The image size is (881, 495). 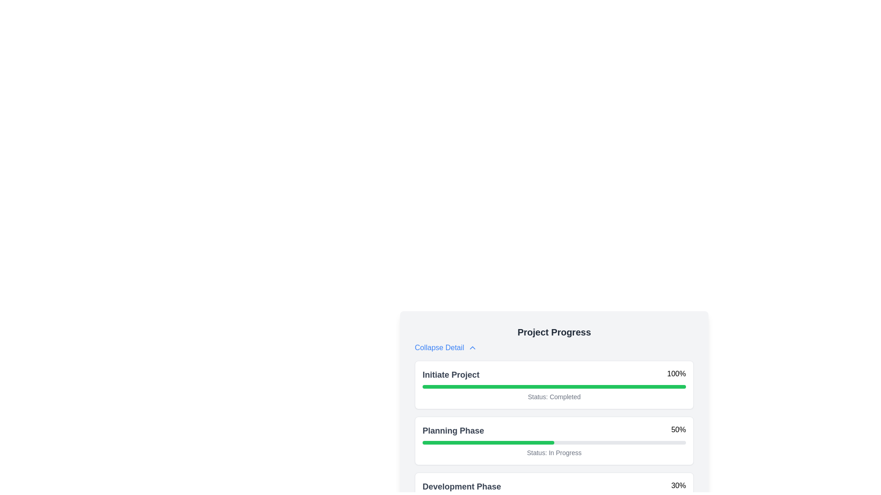 I want to click on the progress bar indicating the completion status of the 'Initiate Project' task, which is visually represented within the card titled 'Initiate Project', so click(x=554, y=387).